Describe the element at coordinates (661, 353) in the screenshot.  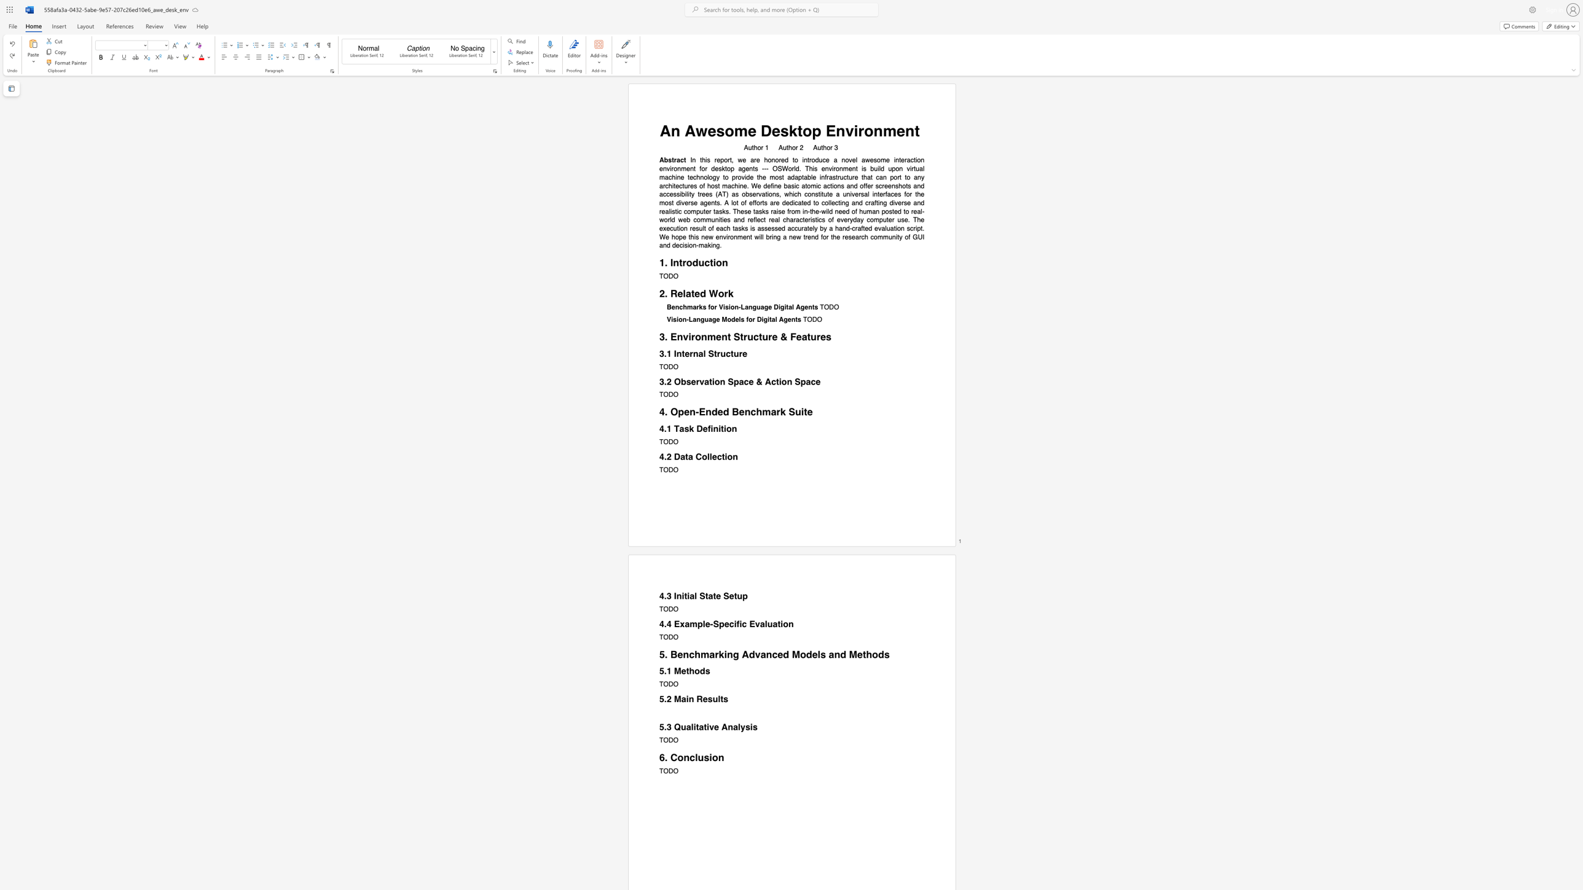
I see `the 1th character "3" in the text` at that location.